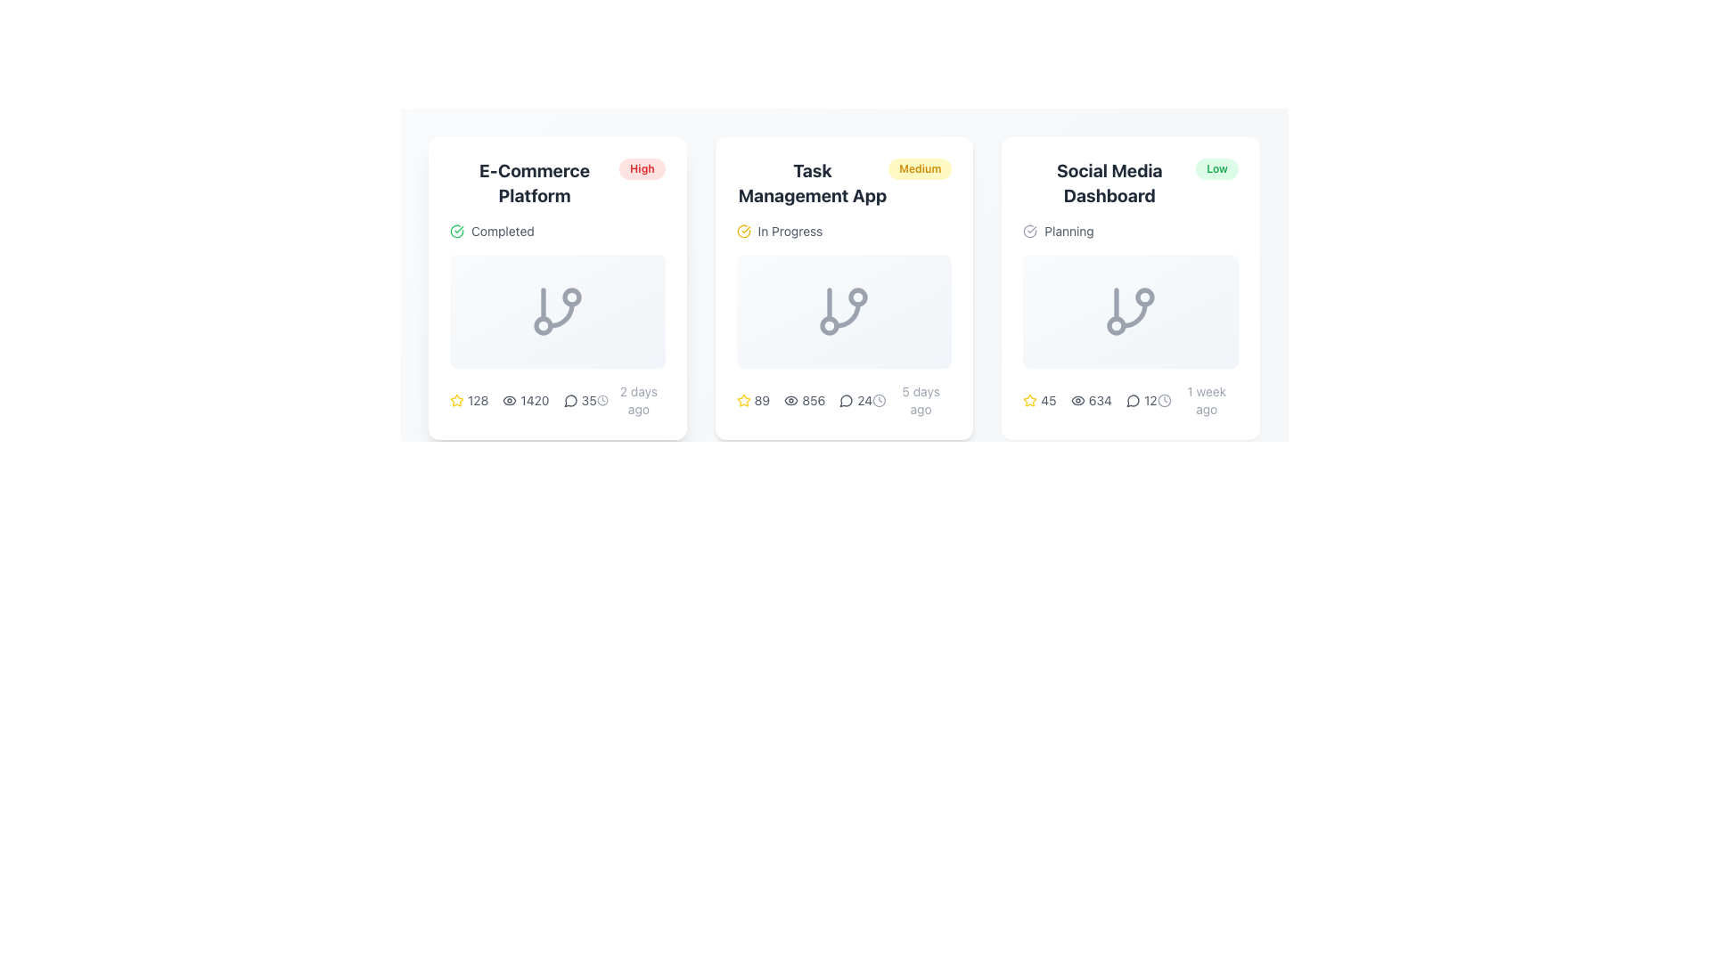  What do you see at coordinates (804, 401) in the screenshot?
I see `the view indicator displaying the number of views associated with the content in the bottom segment of the second card in the Task Management App` at bounding box center [804, 401].